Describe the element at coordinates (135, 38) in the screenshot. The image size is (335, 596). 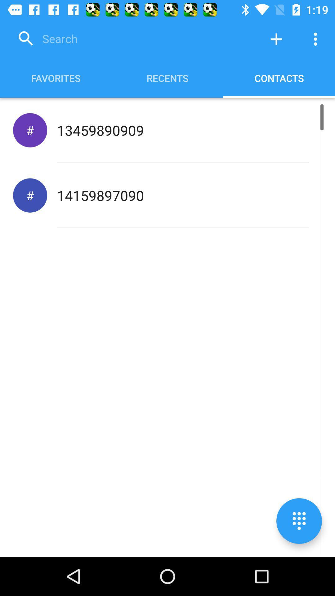
I see `search bar` at that location.